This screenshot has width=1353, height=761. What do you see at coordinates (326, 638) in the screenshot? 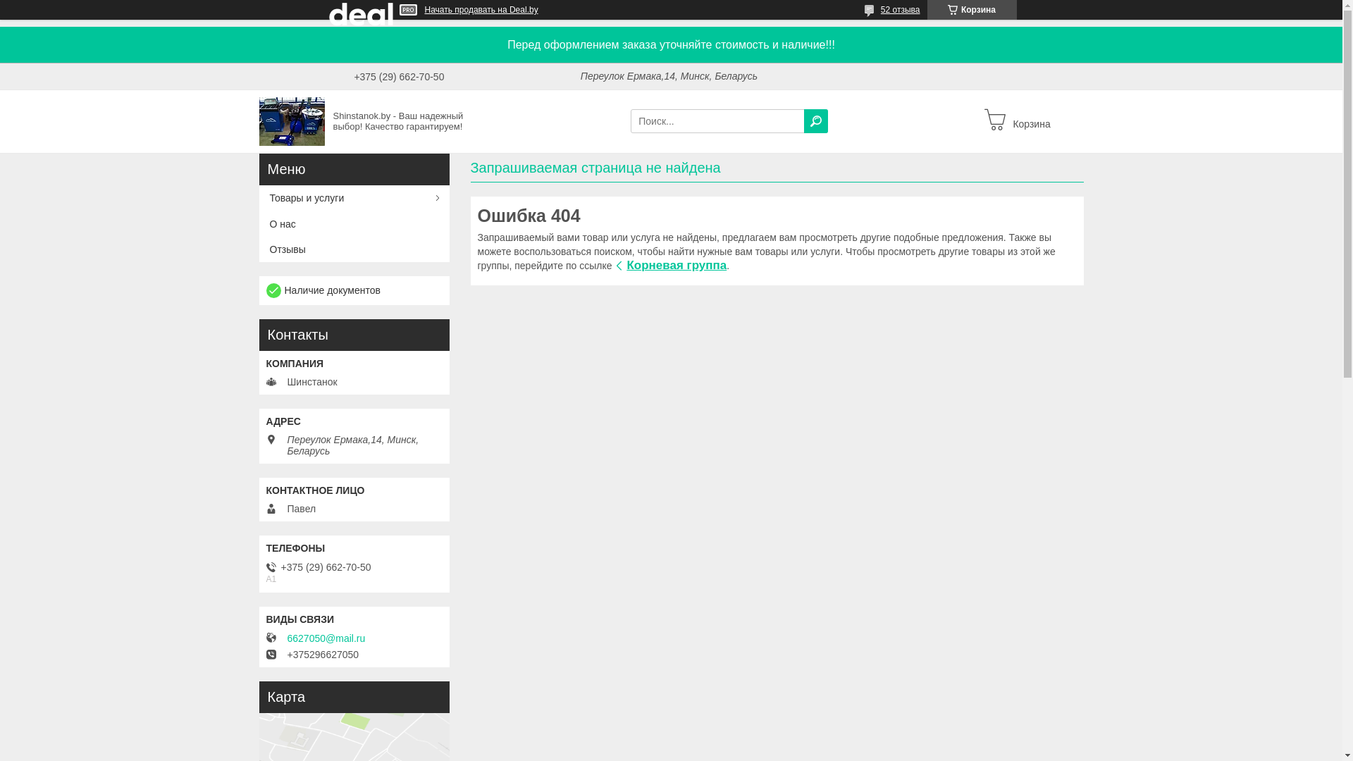
I see `'6627050@mail.ru'` at bounding box center [326, 638].